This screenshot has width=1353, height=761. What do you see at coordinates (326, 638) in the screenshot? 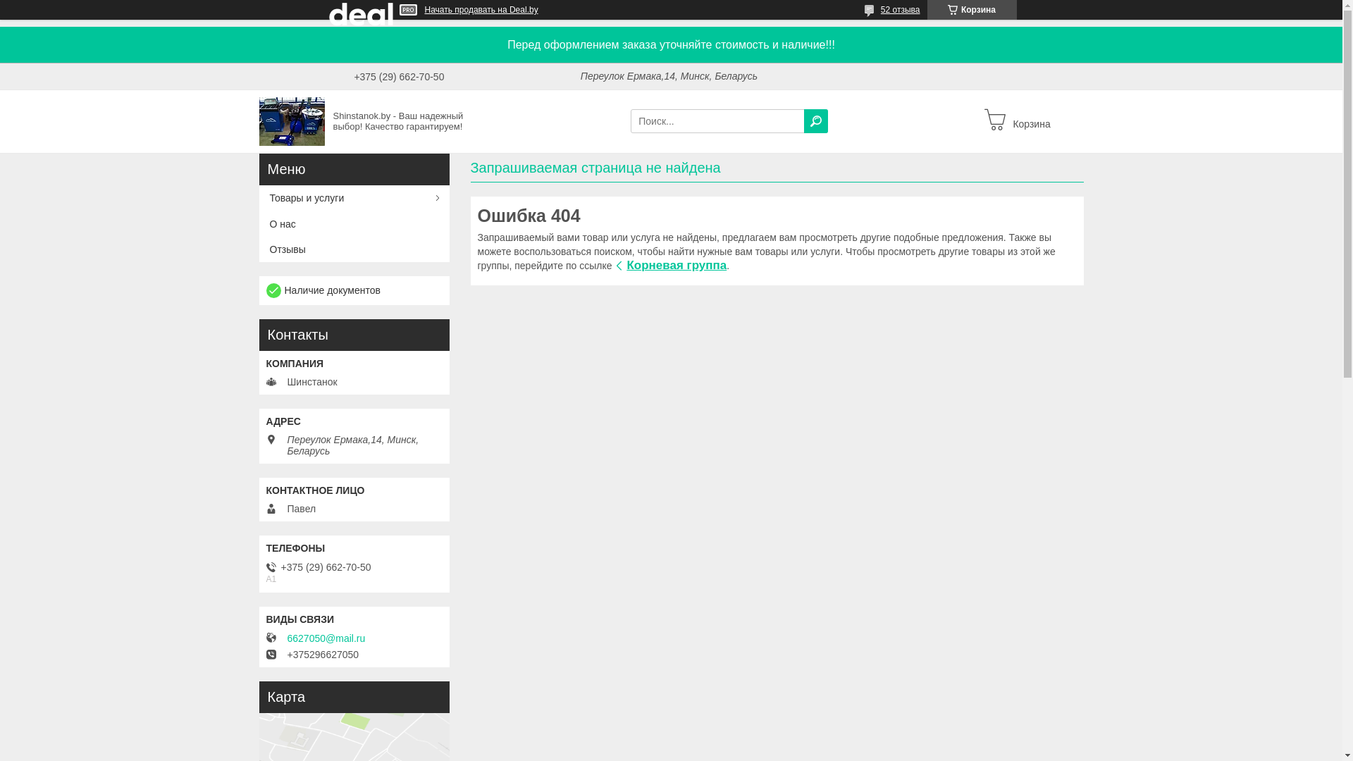
I see `'6627050@mail.ru'` at bounding box center [326, 638].